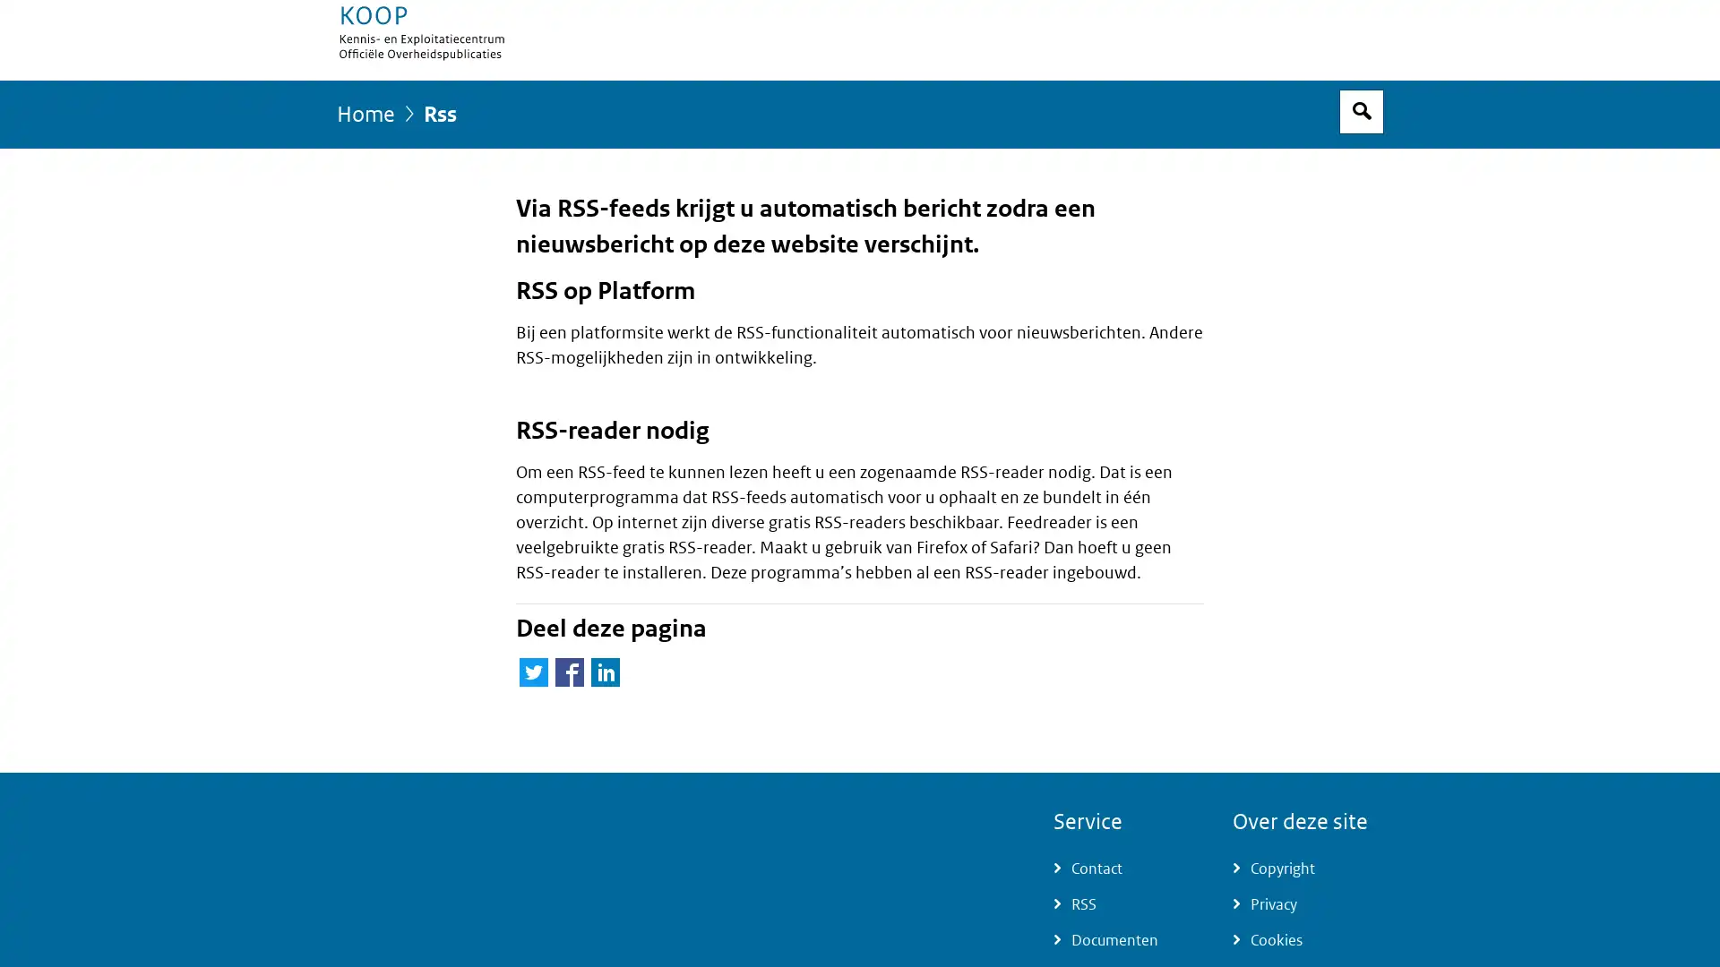 The image size is (1720, 967). I want to click on Open zoekveld, so click(1362, 111).